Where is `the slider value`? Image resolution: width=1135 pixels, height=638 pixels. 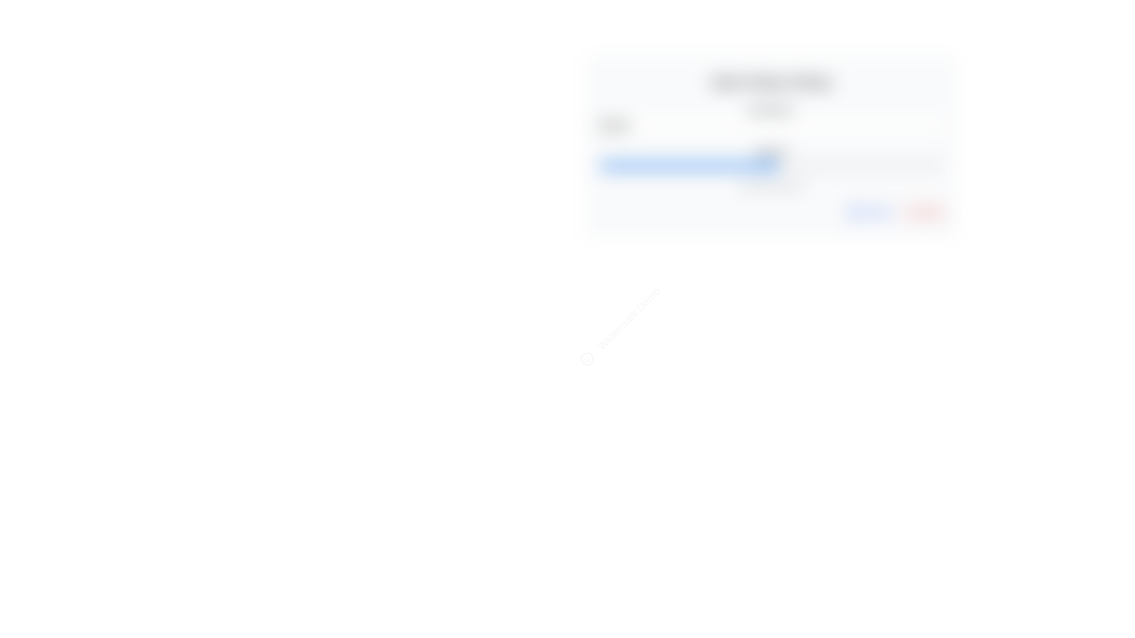
the slider value is located at coordinates (668, 166).